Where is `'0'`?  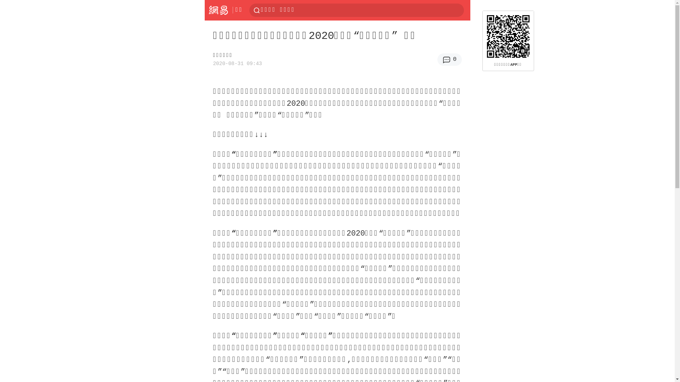 '0' is located at coordinates (449, 59).